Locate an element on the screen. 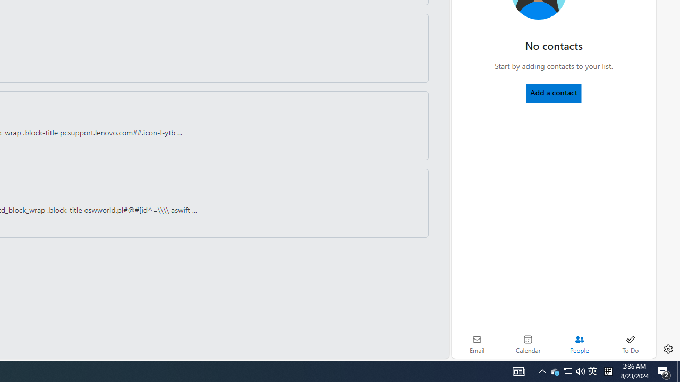 This screenshot has height=382, width=680. 'To Do' is located at coordinates (630, 344).